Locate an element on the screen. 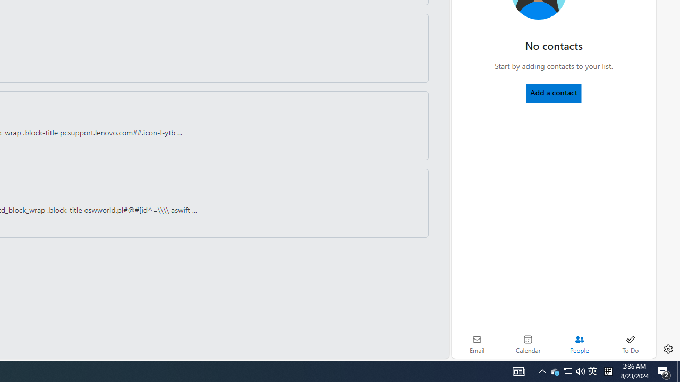 This screenshot has height=382, width=680. 'To Do' is located at coordinates (630, 344).